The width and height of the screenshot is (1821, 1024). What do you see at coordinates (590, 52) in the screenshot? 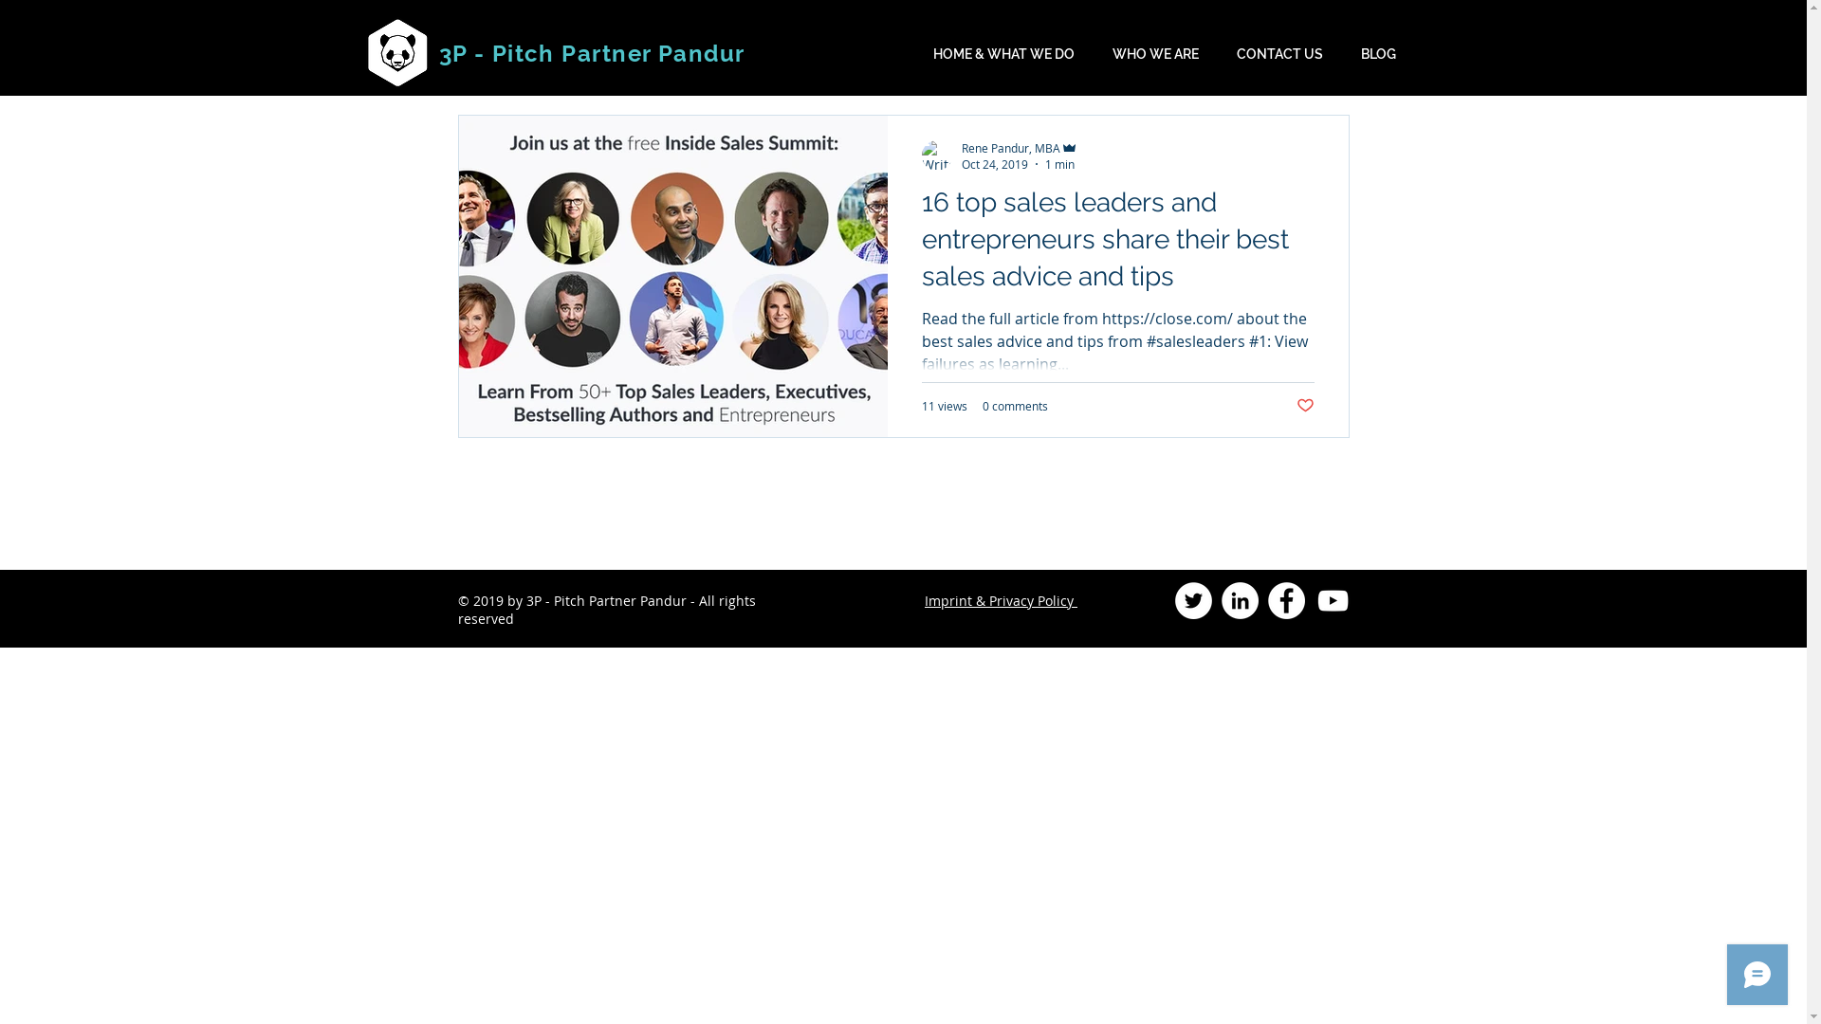
I see `'3P - Pitch Partner Pandur'` at bounding box center [590, 52].